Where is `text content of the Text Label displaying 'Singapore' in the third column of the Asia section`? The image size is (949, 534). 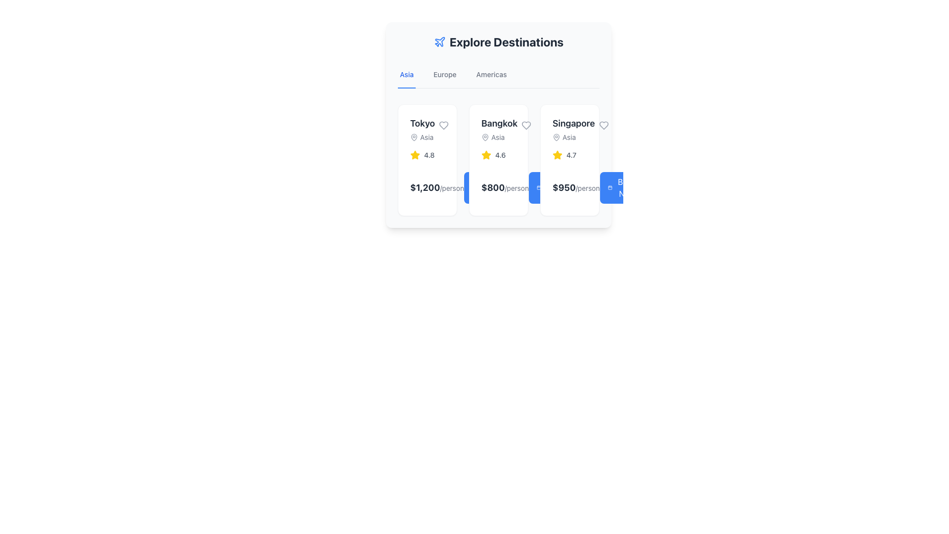
text content of the Text Label displaying 'Singapore' in the third column of the Asia section is located at coordinates (573, 123).